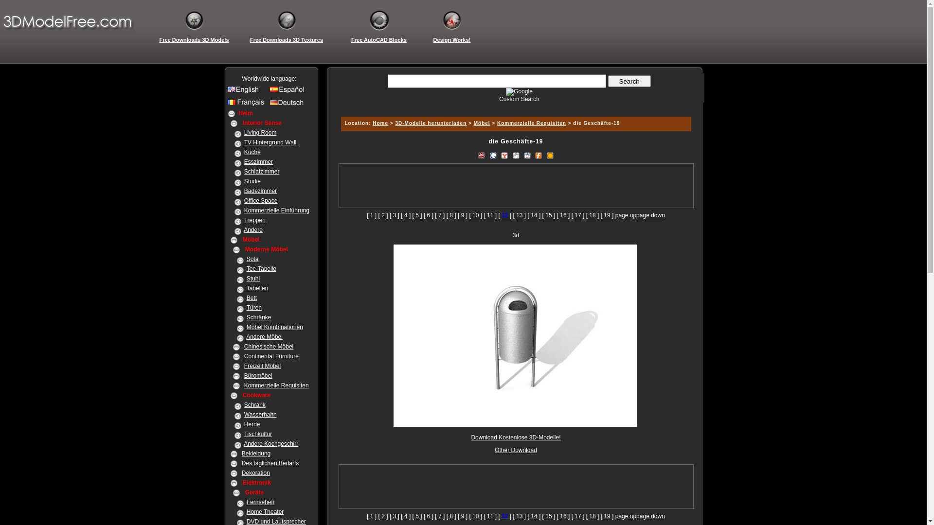  What do you see at coordinates (395, 215) in the screenshot?
I see `'[ 3 ]'` at bounding box center [395, 215].